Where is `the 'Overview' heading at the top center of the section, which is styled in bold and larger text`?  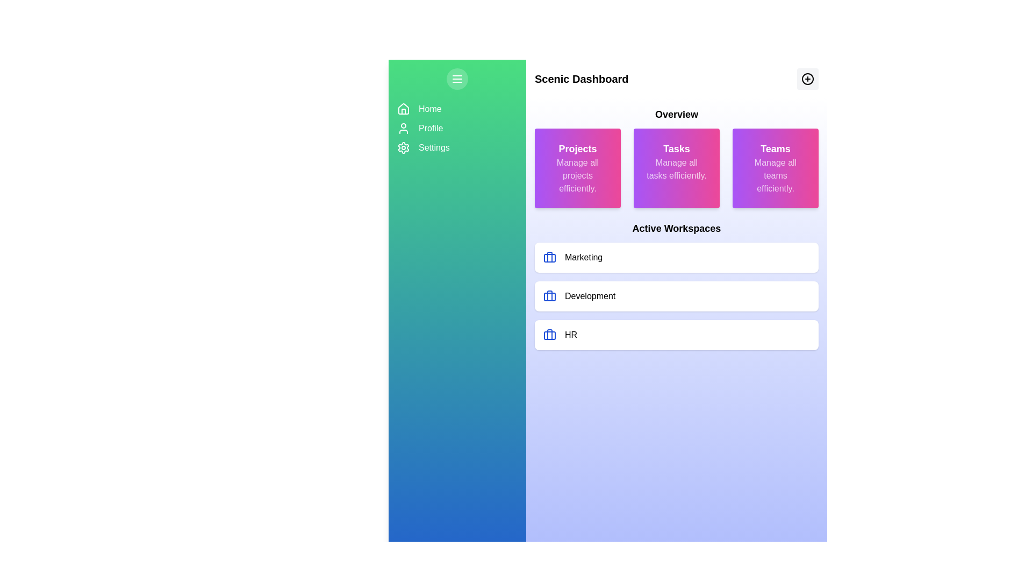 the 'Overview' heading at the top center of the section, which is styled in bold and larger text is located at coordinates (676, 114).